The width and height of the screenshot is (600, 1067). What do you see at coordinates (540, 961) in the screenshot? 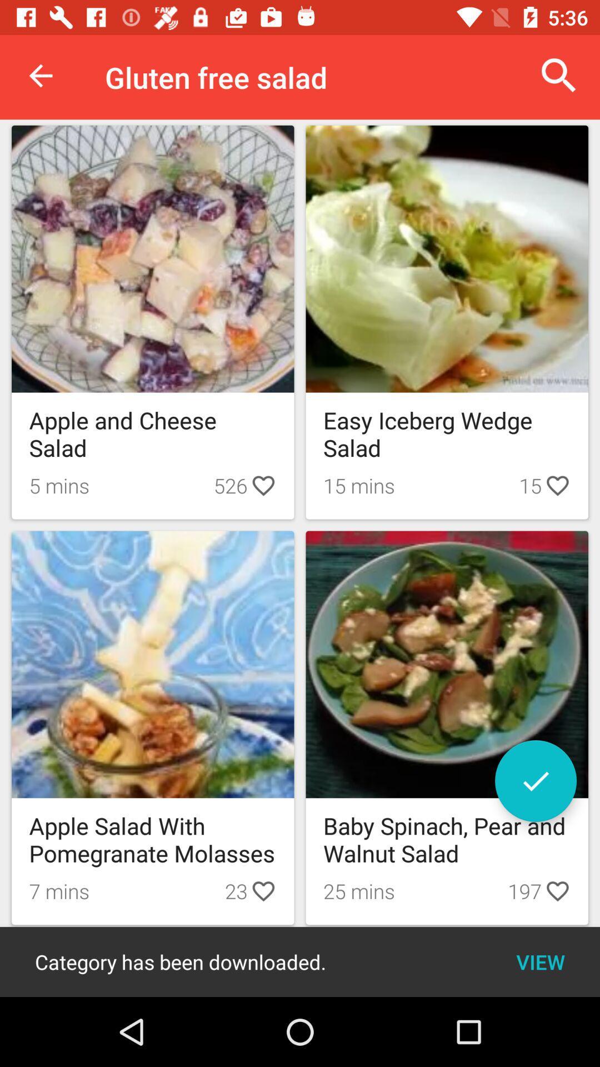
I see `the item below 197 item` at bounding box center [540, 961].